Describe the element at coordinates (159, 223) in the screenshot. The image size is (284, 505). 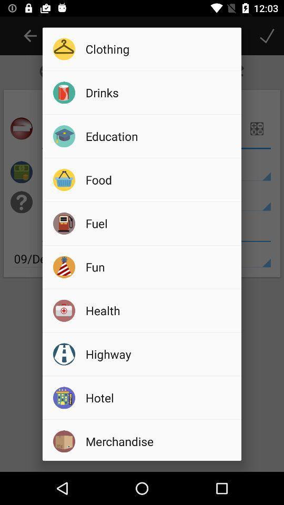
I see `item below the food icon` at that location.